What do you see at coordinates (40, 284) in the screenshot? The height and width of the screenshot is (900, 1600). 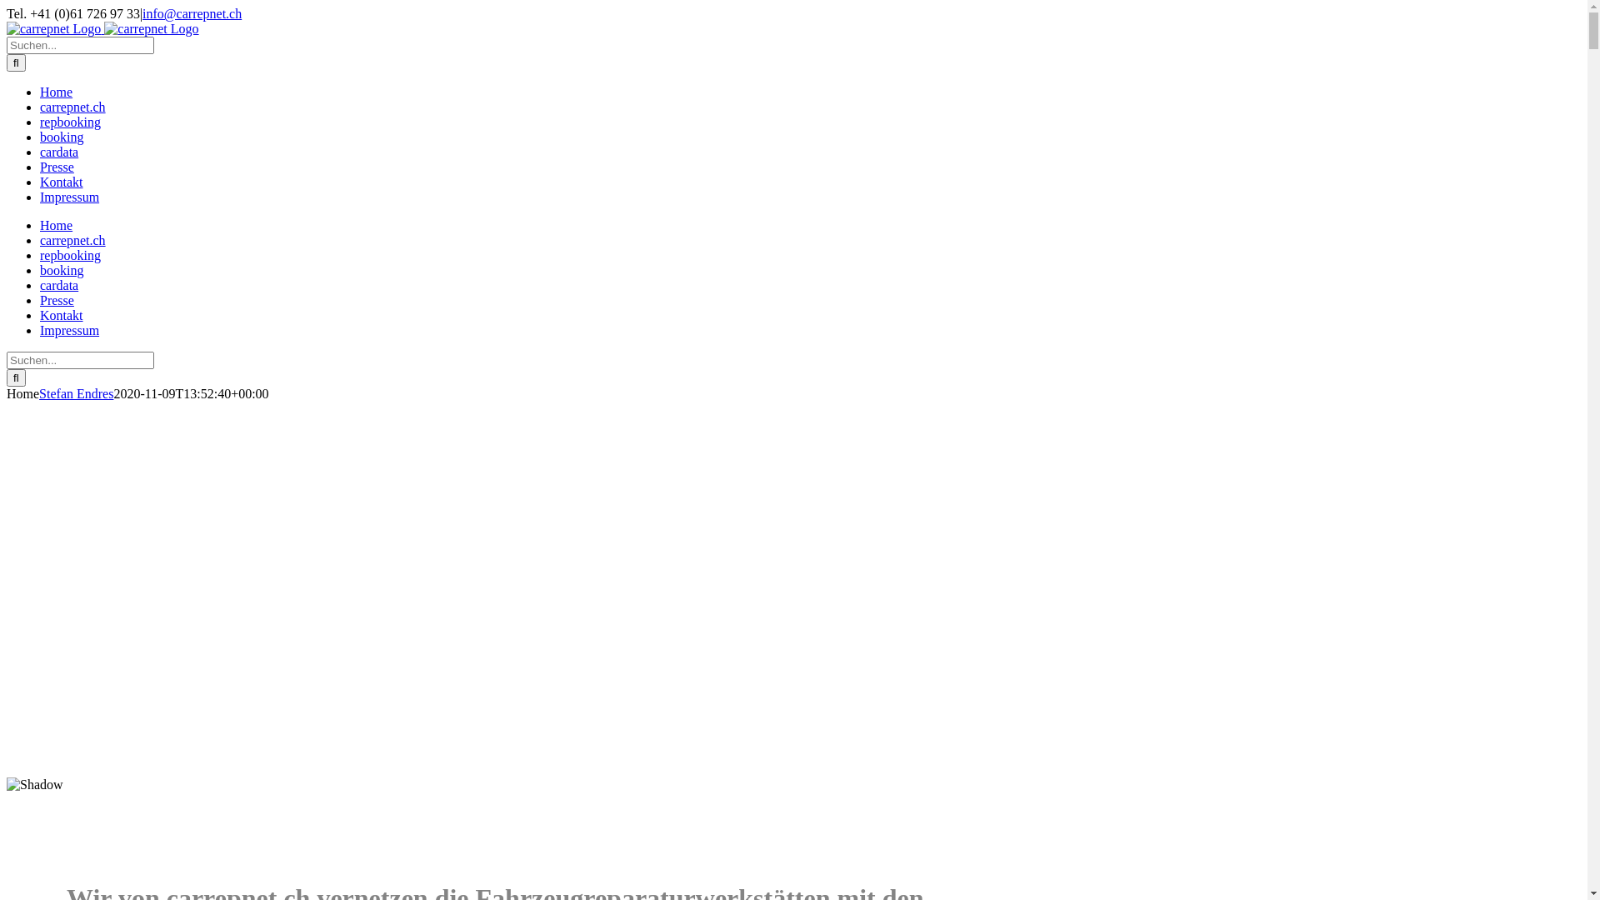 I see `'cardata'` at bounding box center [40, 284].